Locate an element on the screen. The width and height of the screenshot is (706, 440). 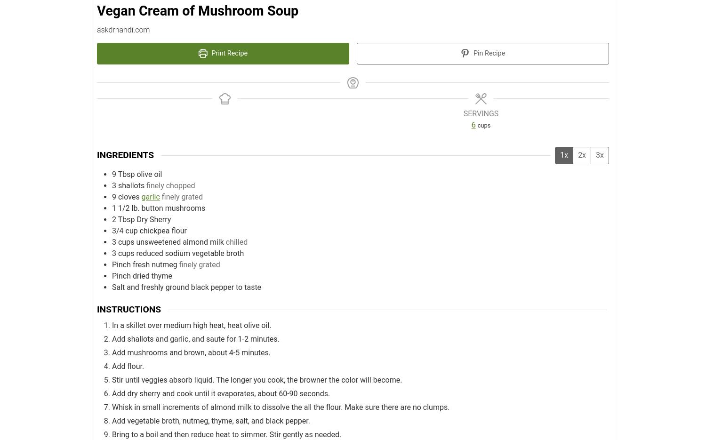
'Add flour.' is located at coordinates (128, 366).